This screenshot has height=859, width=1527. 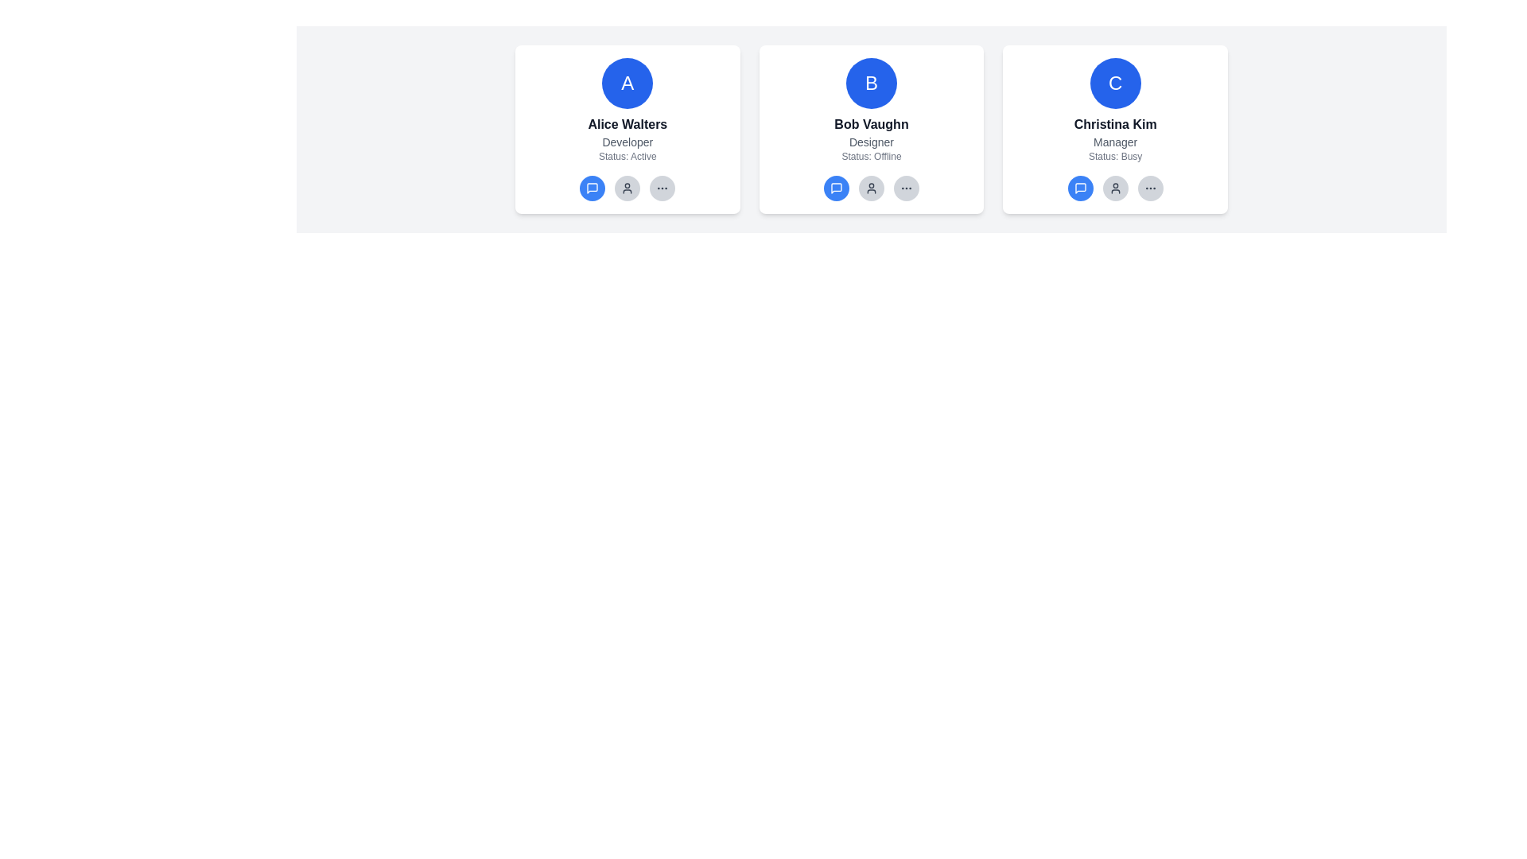 I want to click on the circular button with three vertical dots, which is the third button in the row below Alice Walters' profile card, so click(x=662, y=187).